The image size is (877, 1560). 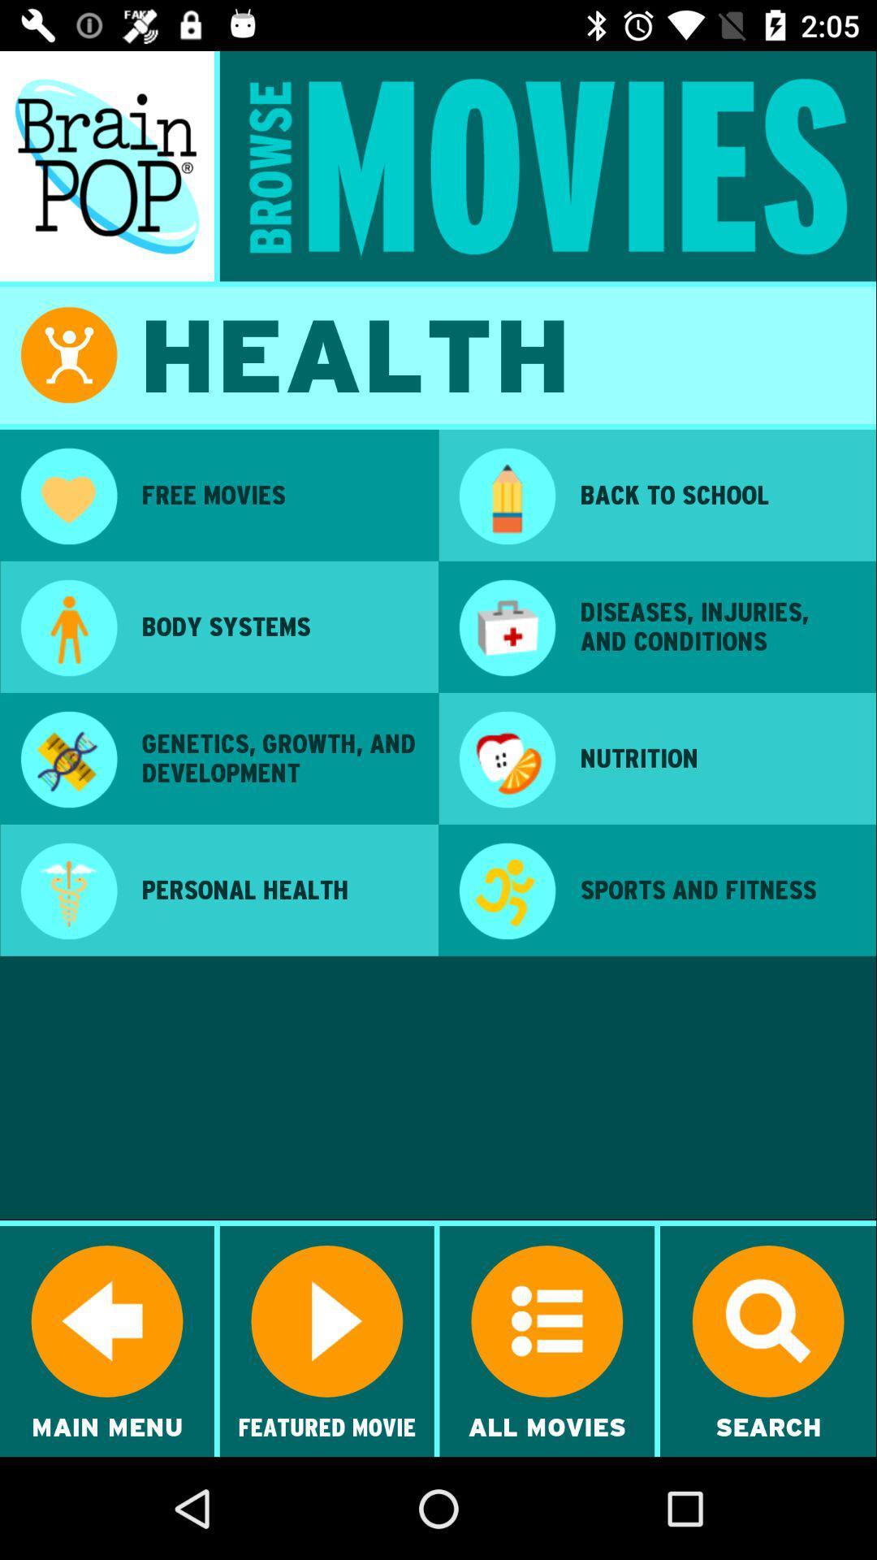 What do you see at coordinates (278, 757) in the screenshot?
I see `genetics growth and icon` at bounding box center [278, 757].